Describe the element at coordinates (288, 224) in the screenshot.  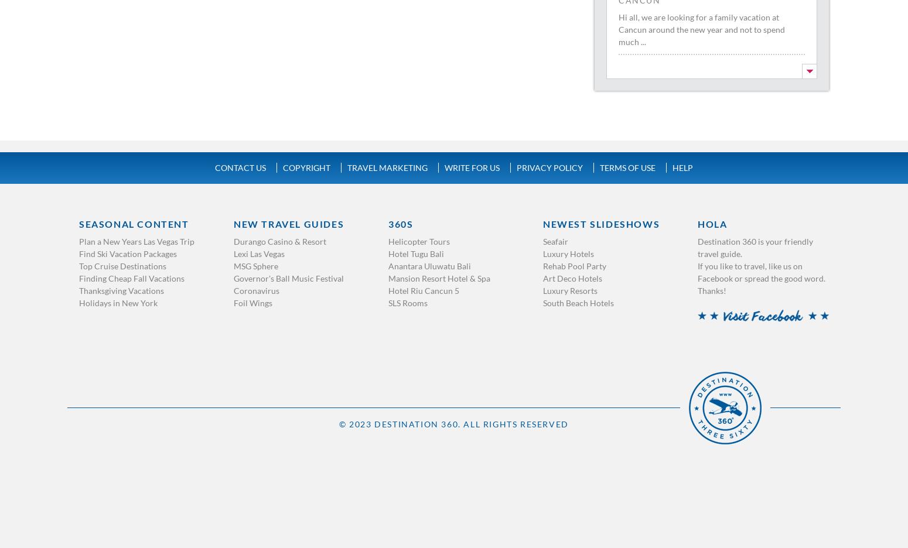
I see `'New Travel Guides'` at that location.